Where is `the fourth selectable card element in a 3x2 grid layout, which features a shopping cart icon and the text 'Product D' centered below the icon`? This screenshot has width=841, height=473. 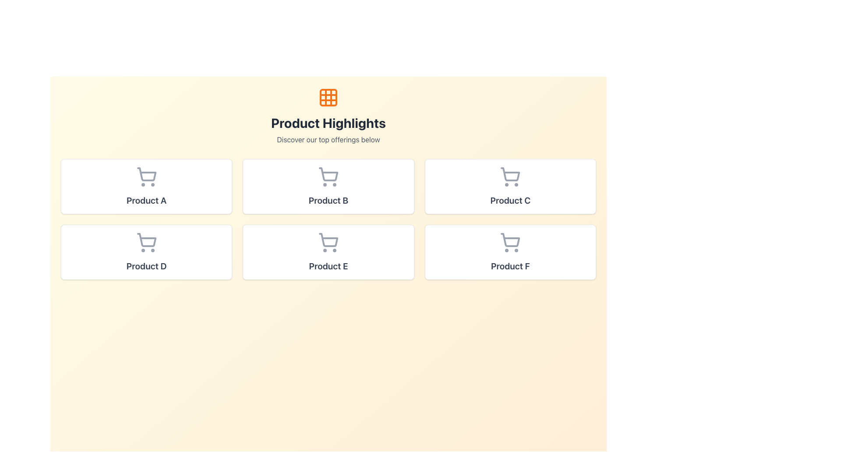 the fourth selectable card element in a 3x2 grid layout, which features a shopping cart icon and the text 'Product D' centered below the icon is located at coordinates (146, 252).